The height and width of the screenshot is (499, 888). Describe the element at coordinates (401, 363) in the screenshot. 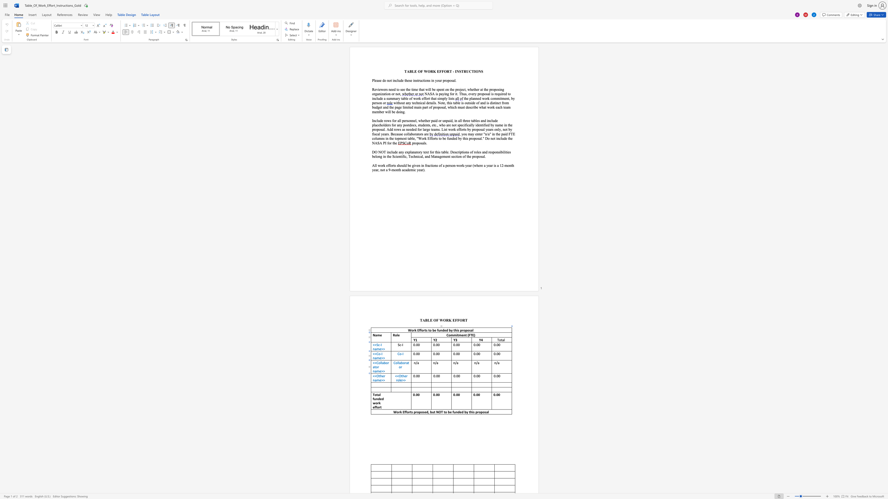

I see `the 1th character "b" in the text` at that location.